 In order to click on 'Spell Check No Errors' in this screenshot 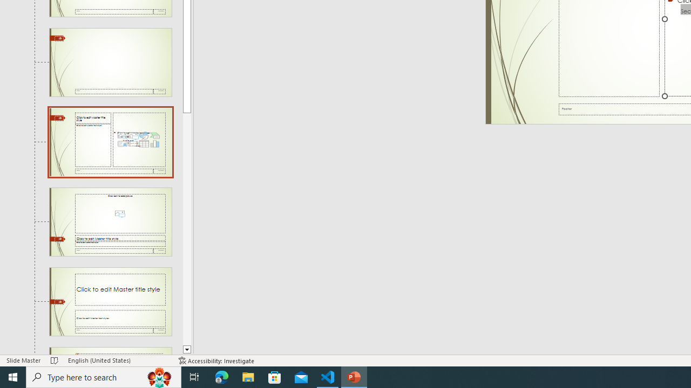, I will do `click(54, 361)`.